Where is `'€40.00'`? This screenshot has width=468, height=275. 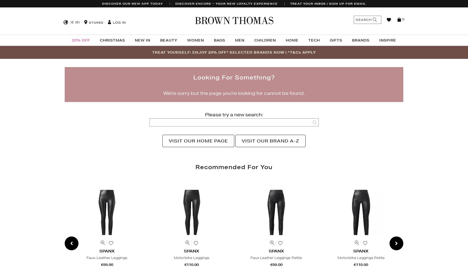
'€40.00' is located at coordinates (445, 264).